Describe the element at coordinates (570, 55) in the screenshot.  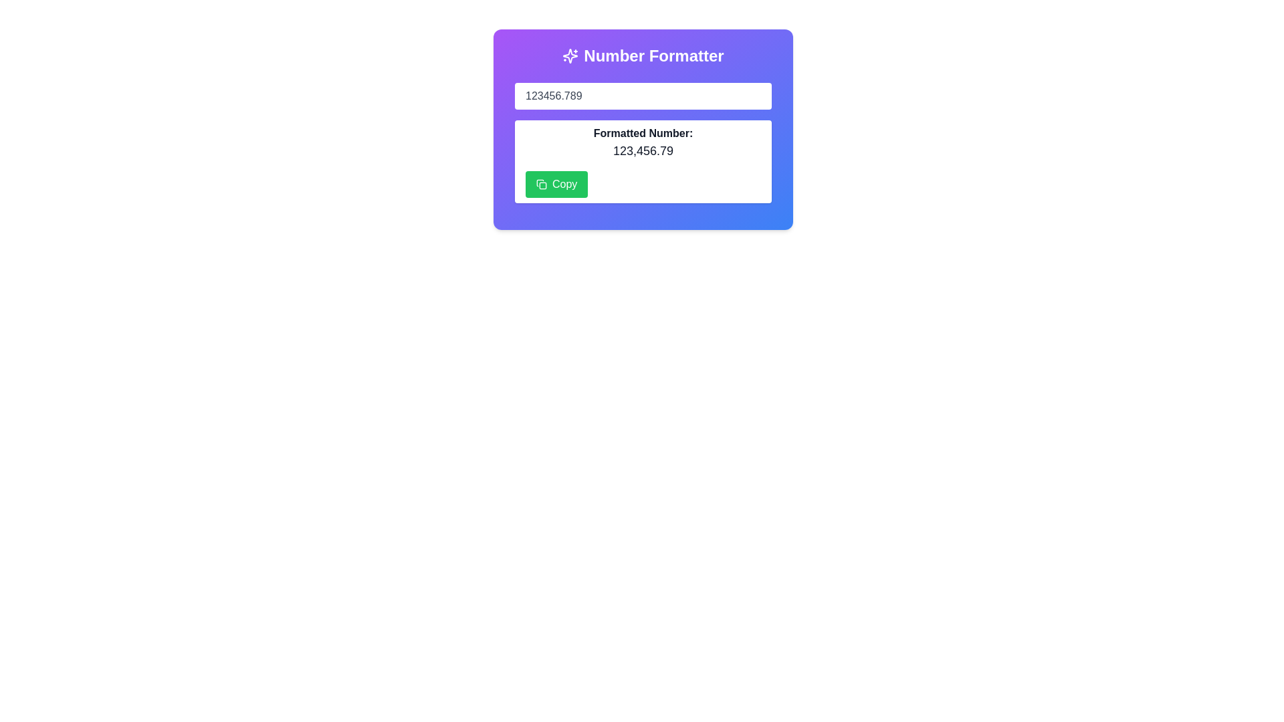
I see `the star-like sparkle icon located in the top-left corner of the Number Formatter's header section, prominently positioned against the purple gradient background and adjacent to the title text 'Number Formatter'` at that location.